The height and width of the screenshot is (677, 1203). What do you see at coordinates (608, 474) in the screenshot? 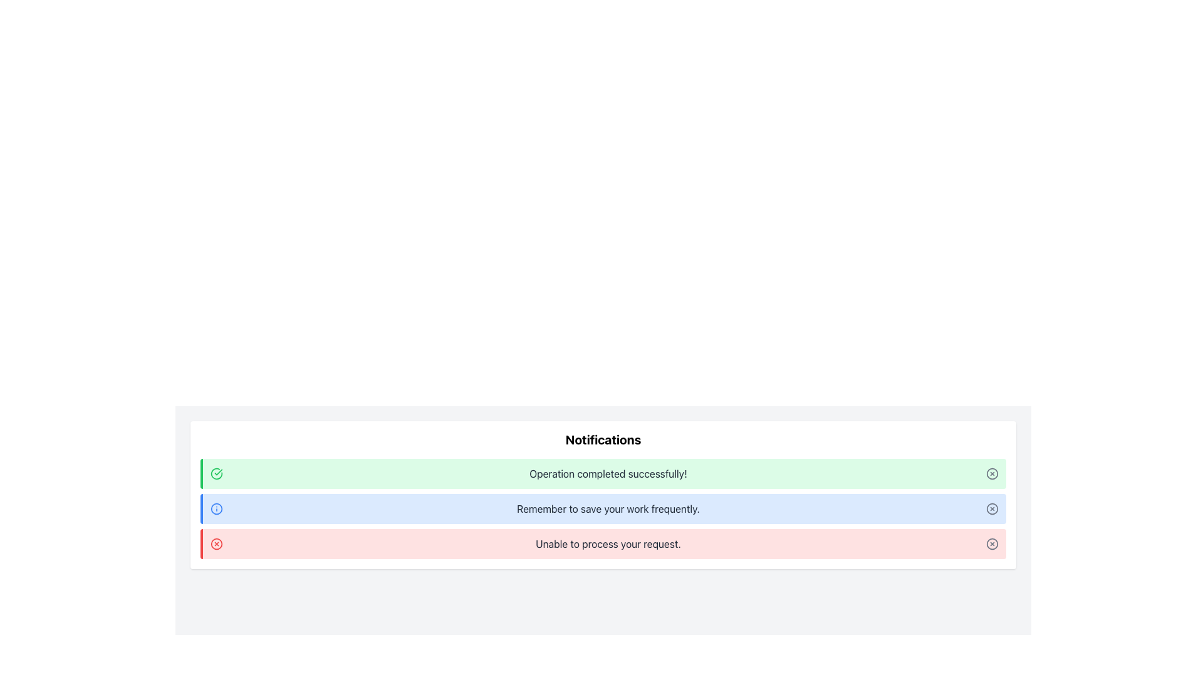
I see `the positive feedback notification text label located in the uppermost notification section, which is centered horizontally on a green background` at bounding box center [608, 474].